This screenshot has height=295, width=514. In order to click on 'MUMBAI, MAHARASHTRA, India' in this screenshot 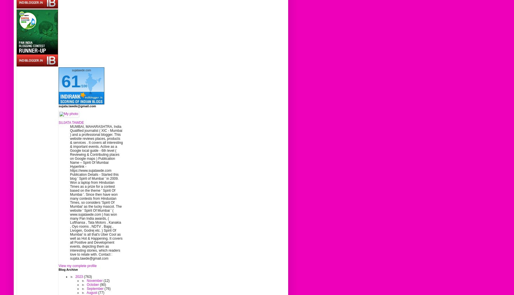, I will do `click(95, 126)`.